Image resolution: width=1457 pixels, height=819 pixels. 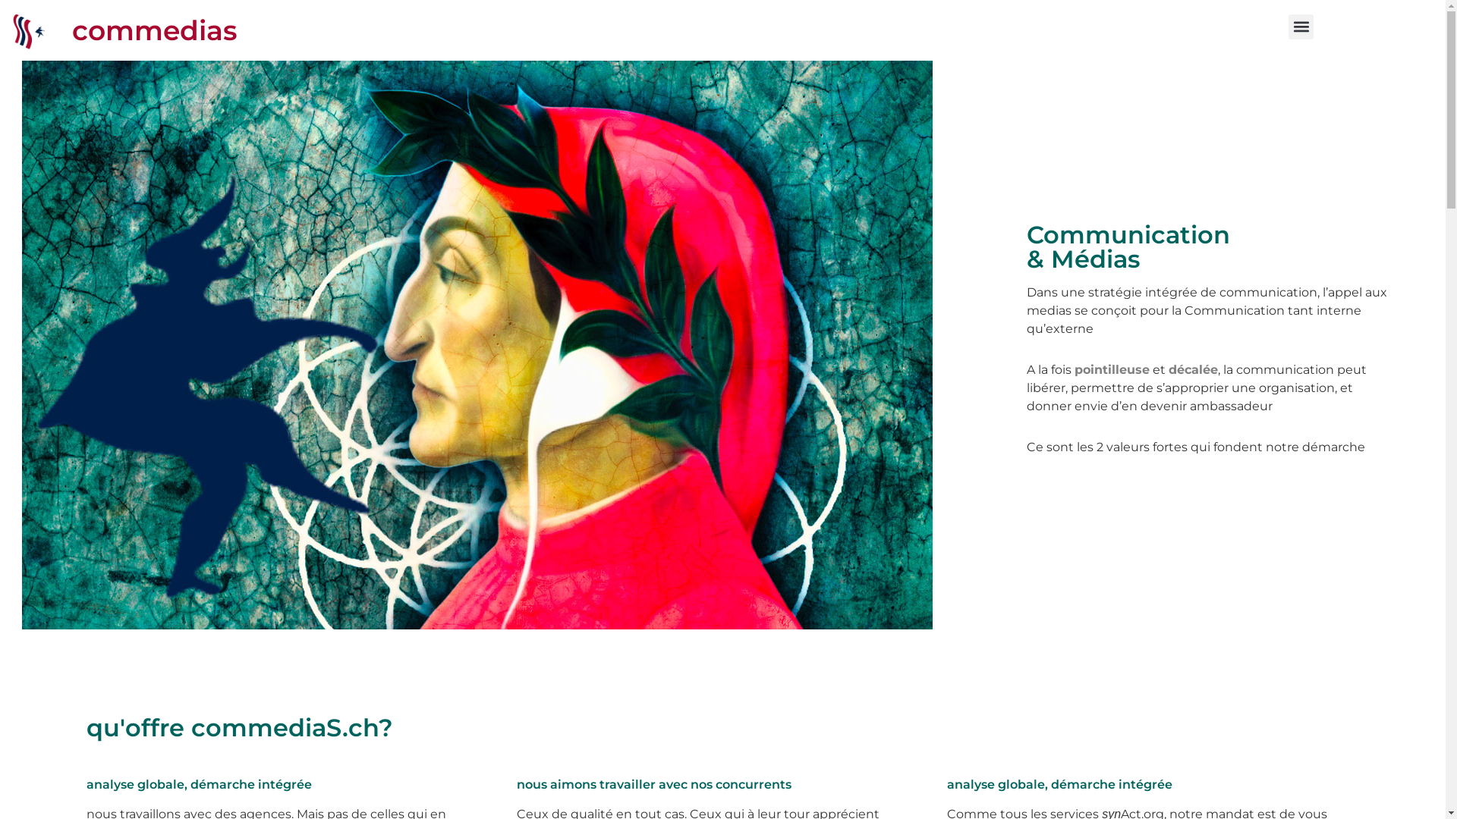 What do you see at coordinates (154, 30) in the screenshot?
I see `'commedias'` at bounding box center [154, 30].